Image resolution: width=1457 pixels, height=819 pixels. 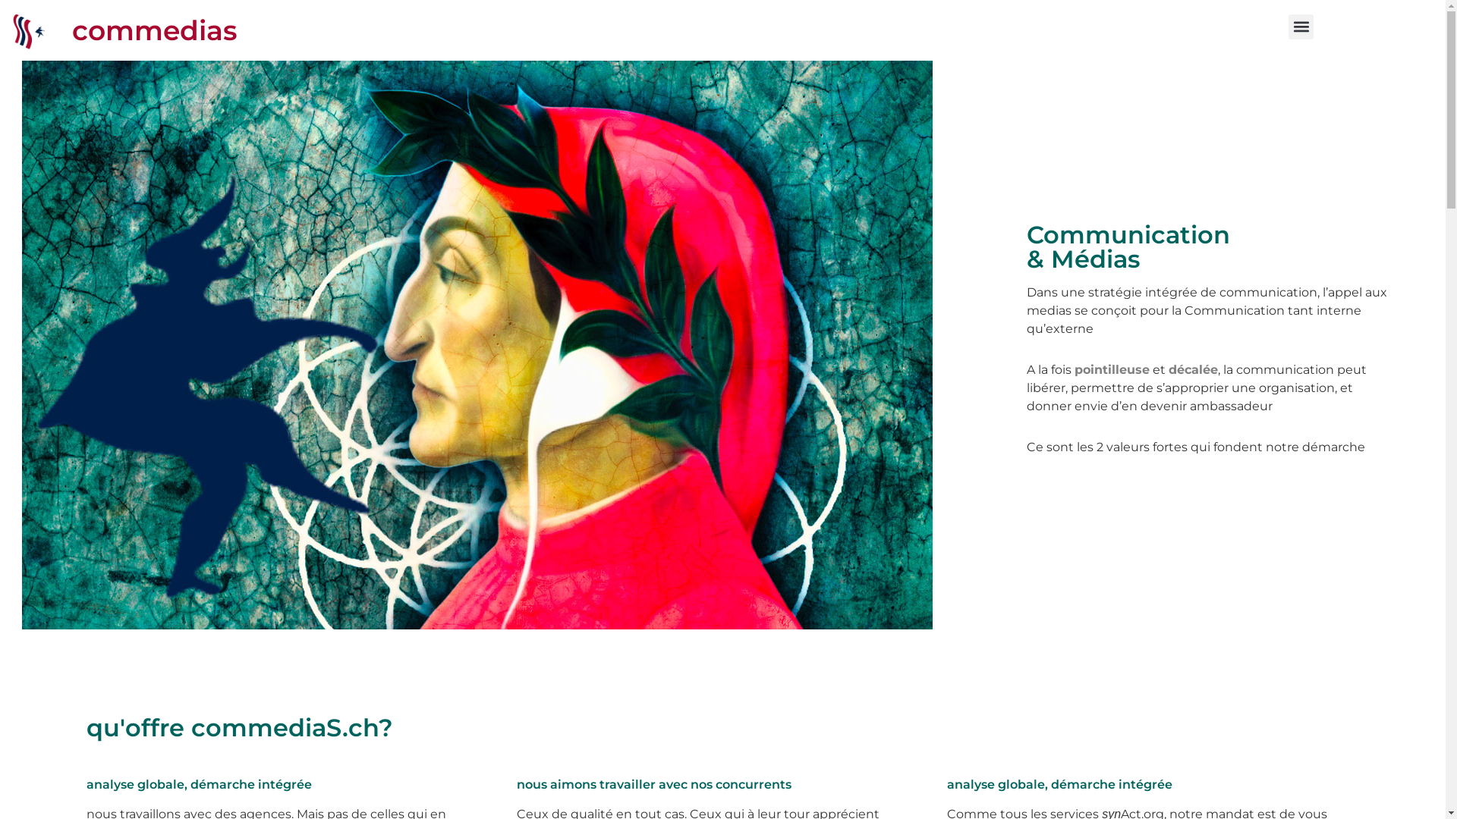 What do you see at coordinates (154, 30) in the screenshot?
I see `'commedias'` at bounding box center [154, 30].